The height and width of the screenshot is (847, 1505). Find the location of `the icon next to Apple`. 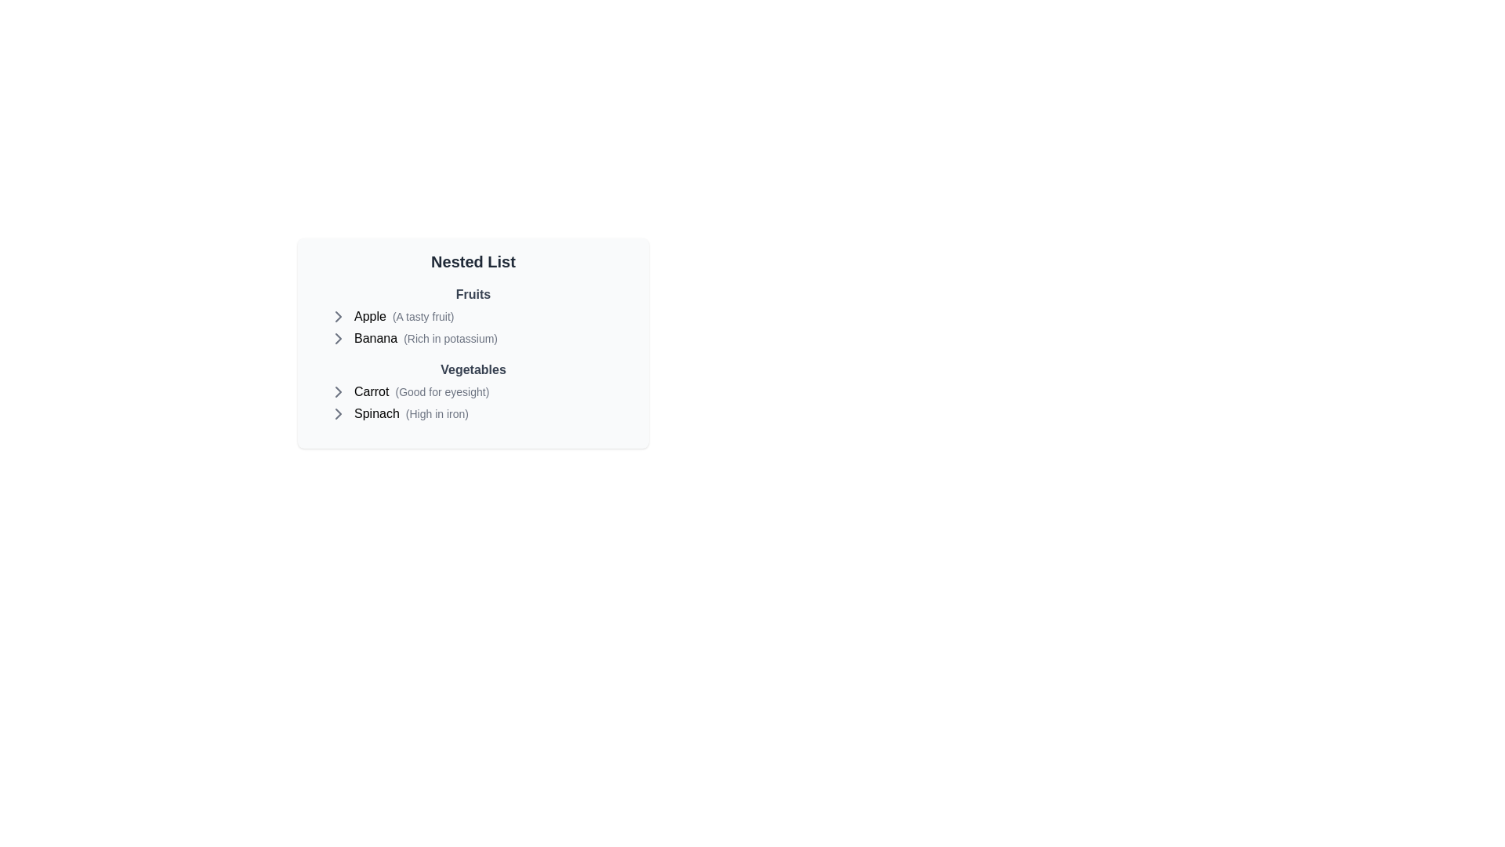

the icon next to Apple is located at coordinates (338, 317).